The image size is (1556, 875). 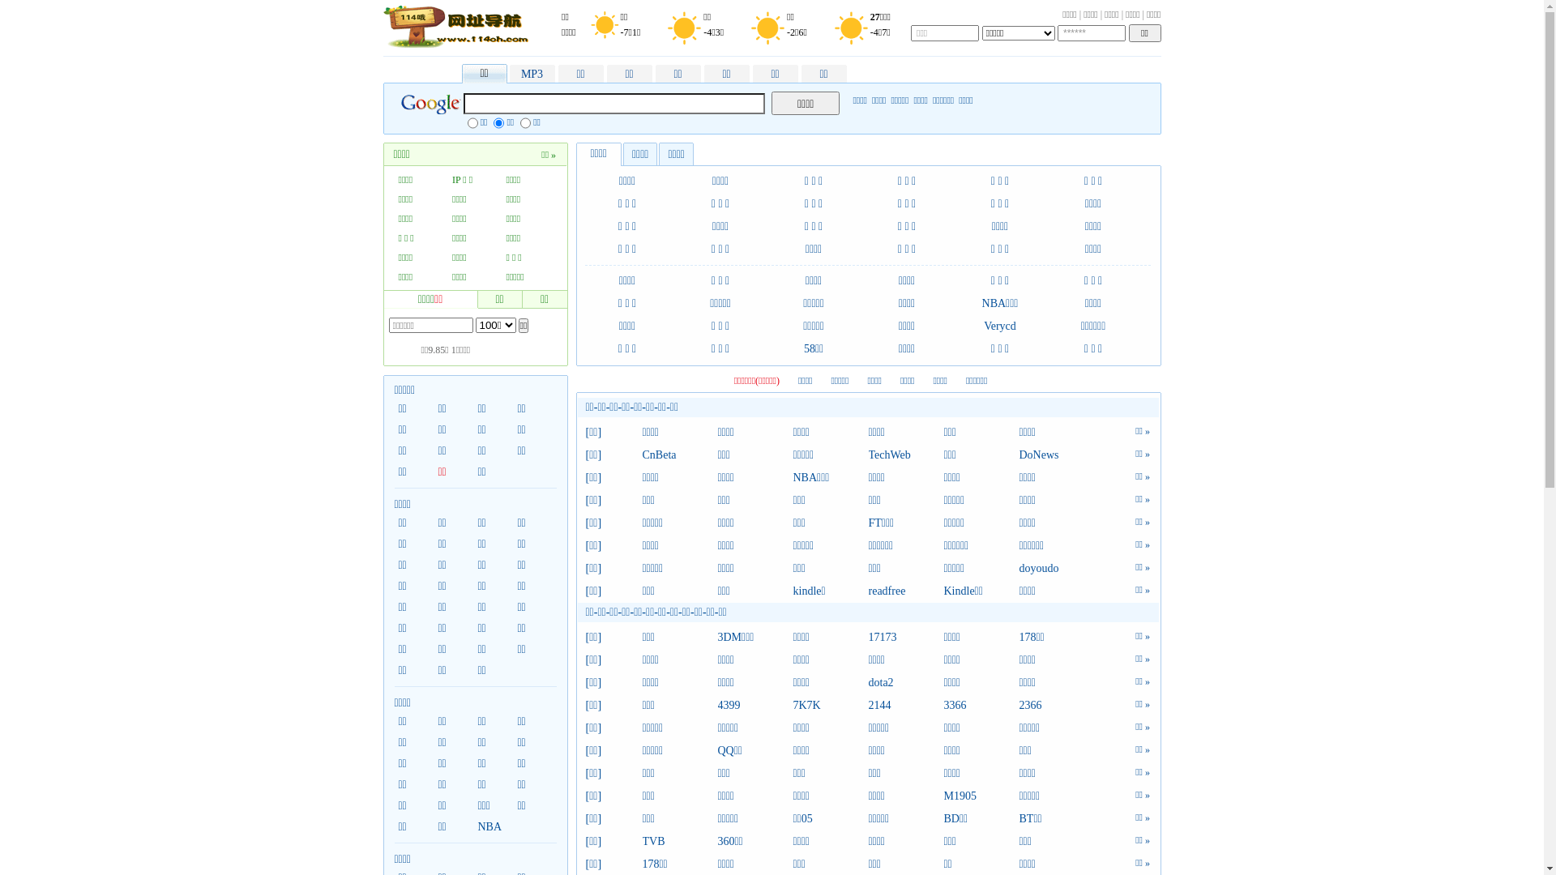 I want to click on '7K7K', so click(x=793, y=705).